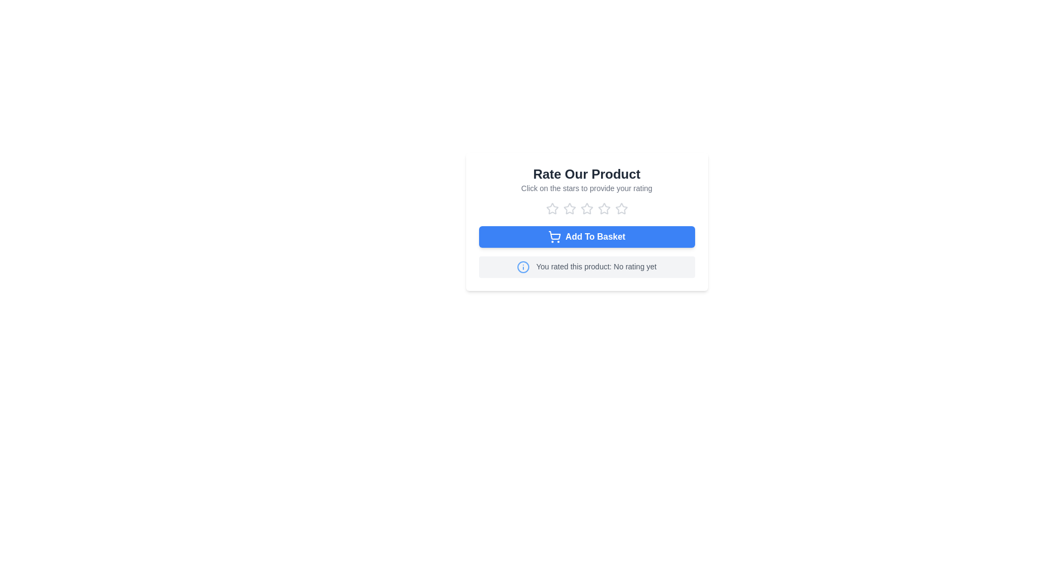 The height and width of the screenshot is (583, 1037). I want to click on the 'Add To Basket' button icon which represents the action of adding an item to a shopping basket, so click(555, 234).